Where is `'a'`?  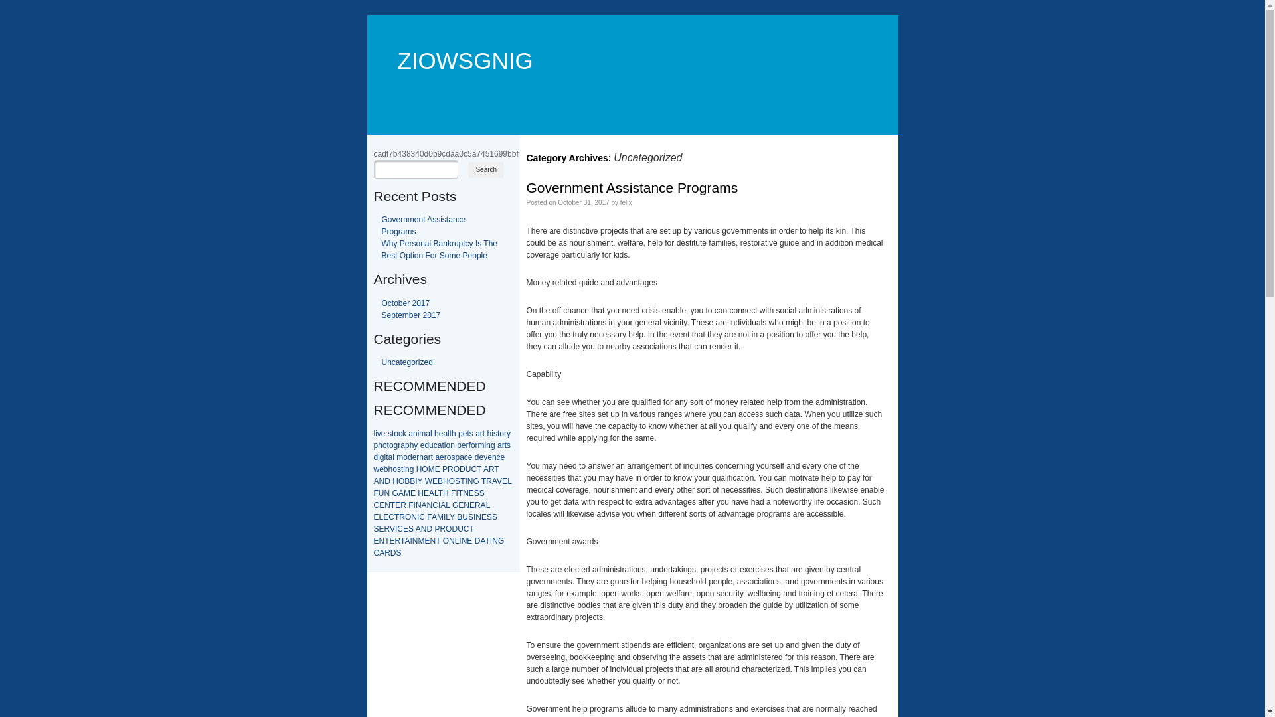 'a' is located at coordinates (499, 445).